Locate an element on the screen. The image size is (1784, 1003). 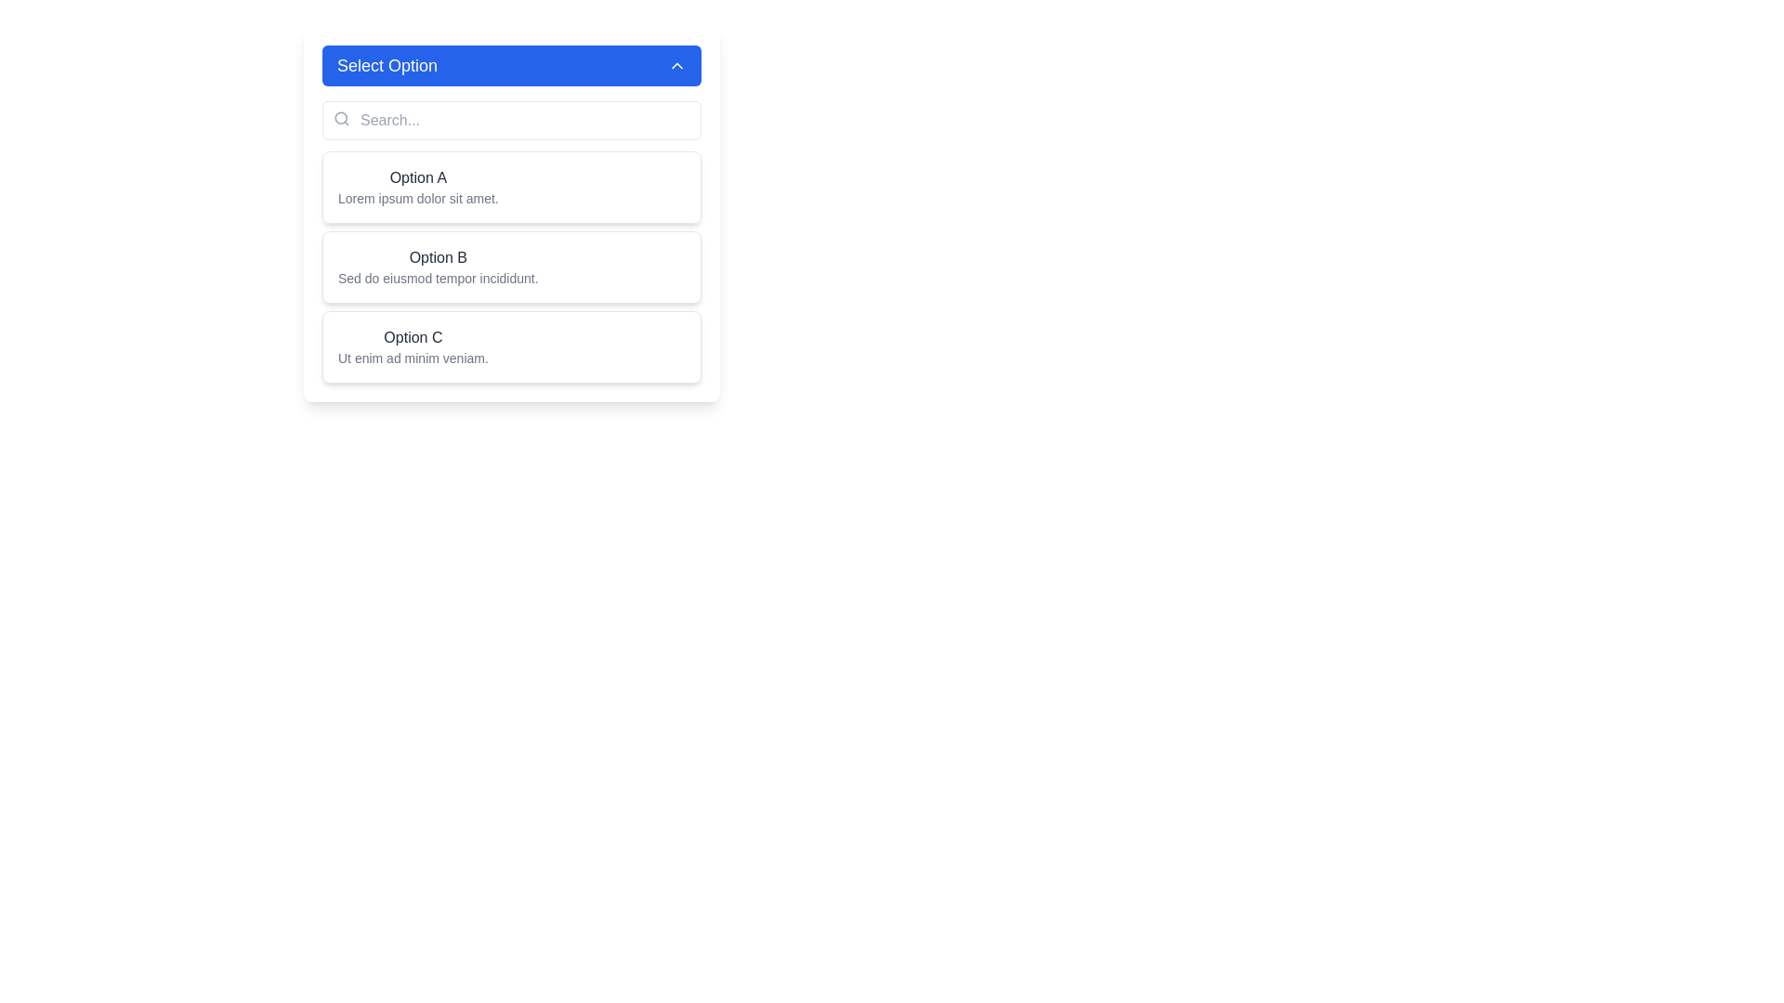
the SVG circle element representing the magnifying glass icon located at the top-left corner of the search bar is located at coordinates (341, 118).